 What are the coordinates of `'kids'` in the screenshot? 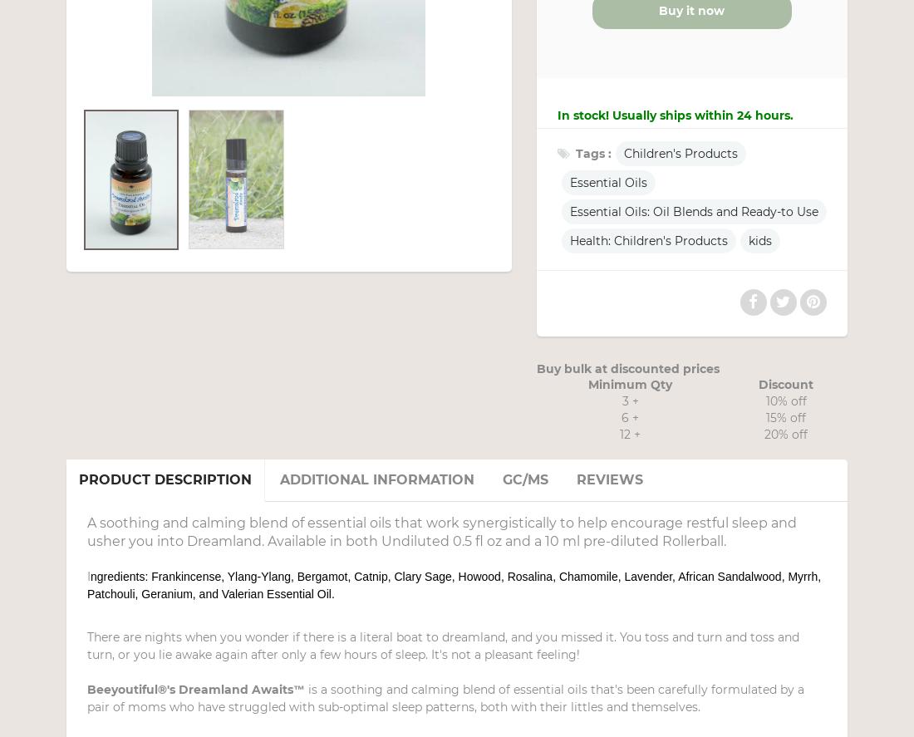 It's located at (759, 239).